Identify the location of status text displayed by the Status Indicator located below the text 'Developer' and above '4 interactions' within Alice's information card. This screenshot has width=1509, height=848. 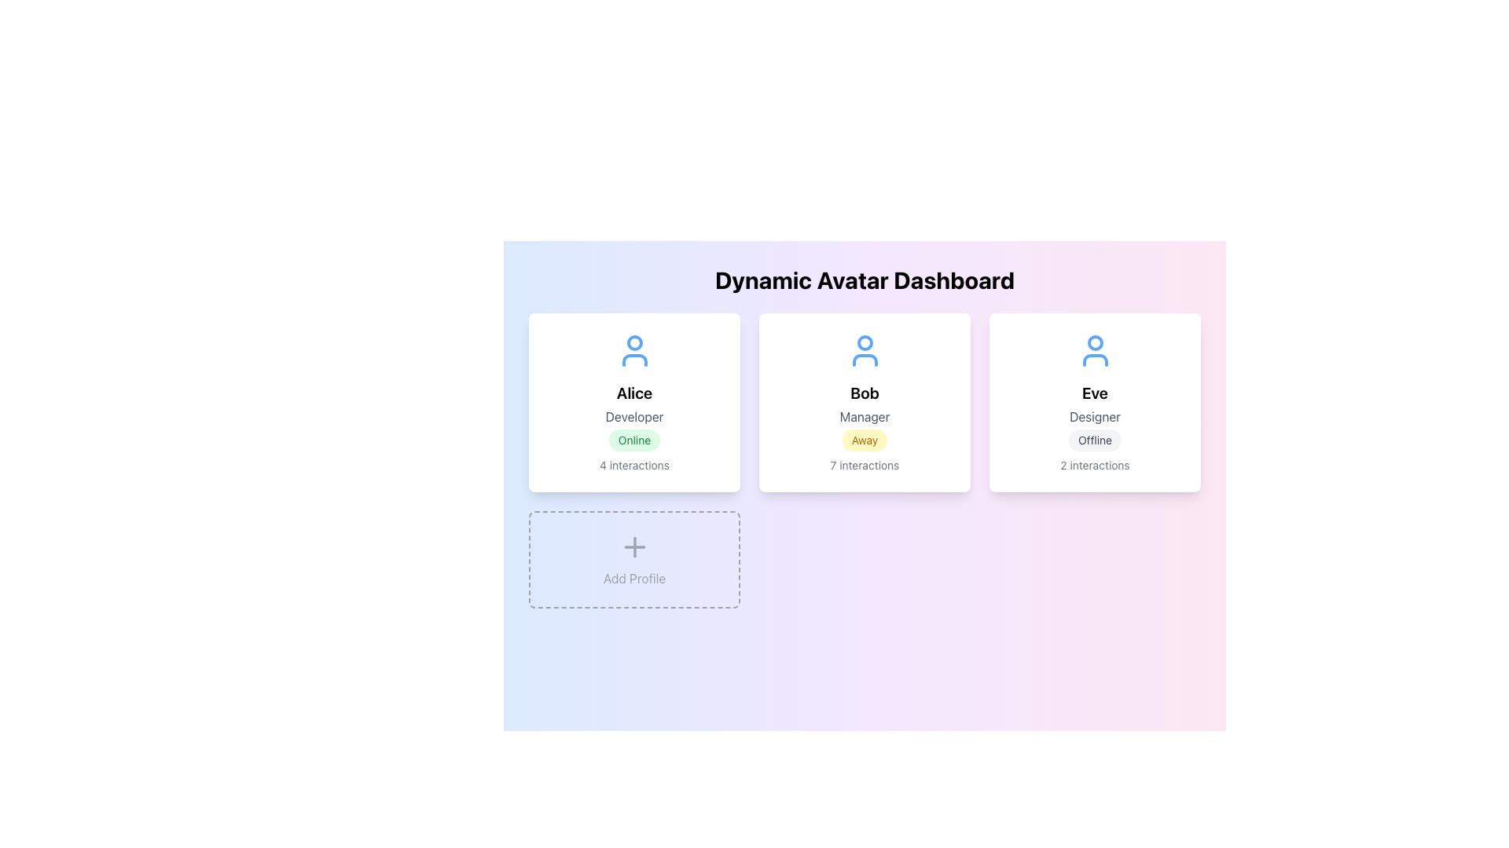
(634, 440).